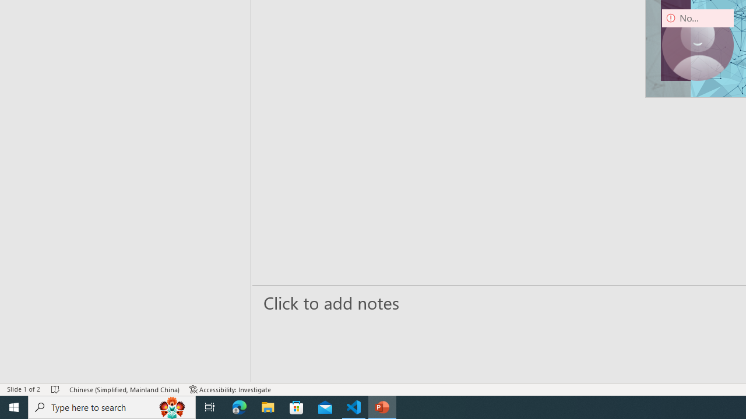 The image size is (746, 419). Describe the element at coordinates (698, 44) in the screenshot. I see `'Camera 9, No camera detected.'` at that location.